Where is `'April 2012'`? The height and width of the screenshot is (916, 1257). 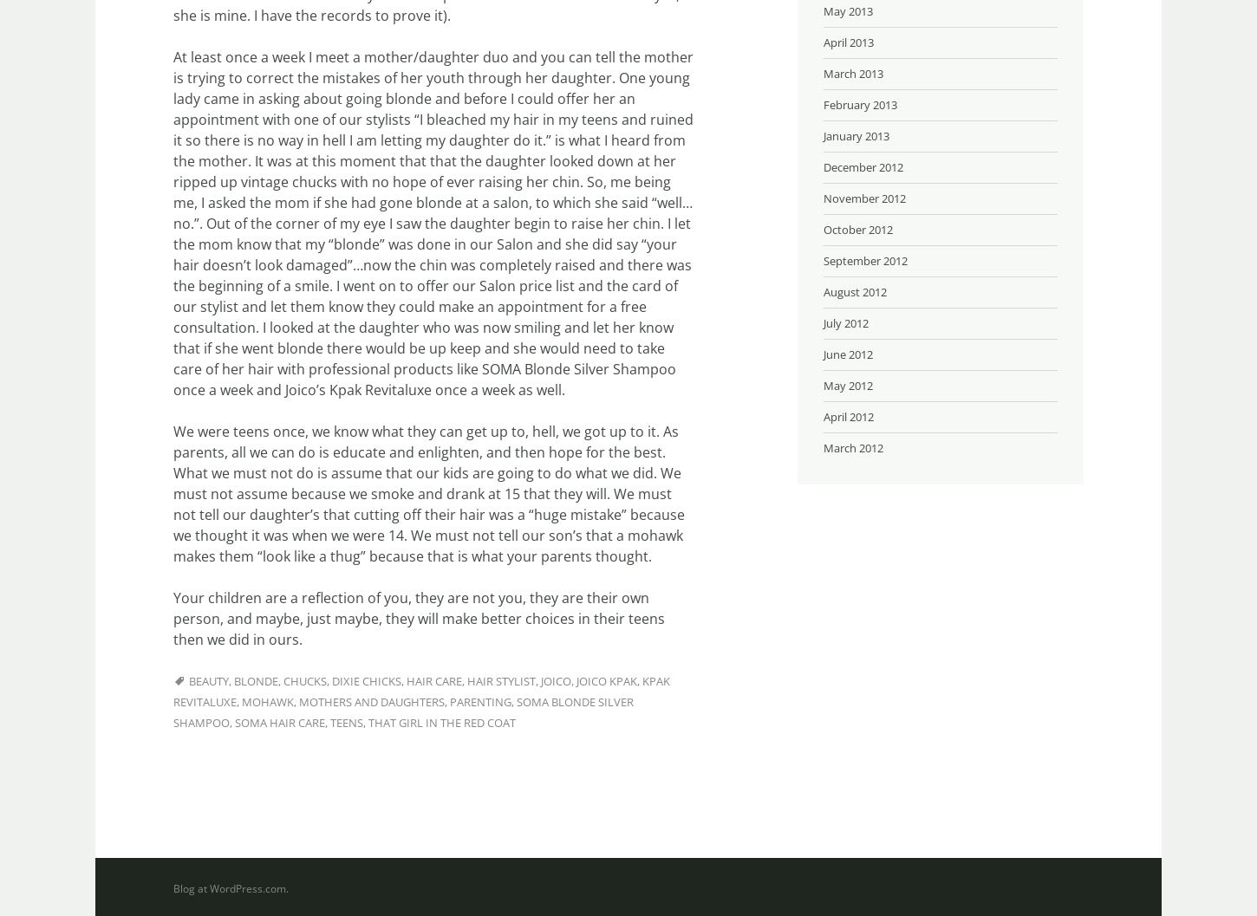
'April 2012' is located at coordinates (823, 417).